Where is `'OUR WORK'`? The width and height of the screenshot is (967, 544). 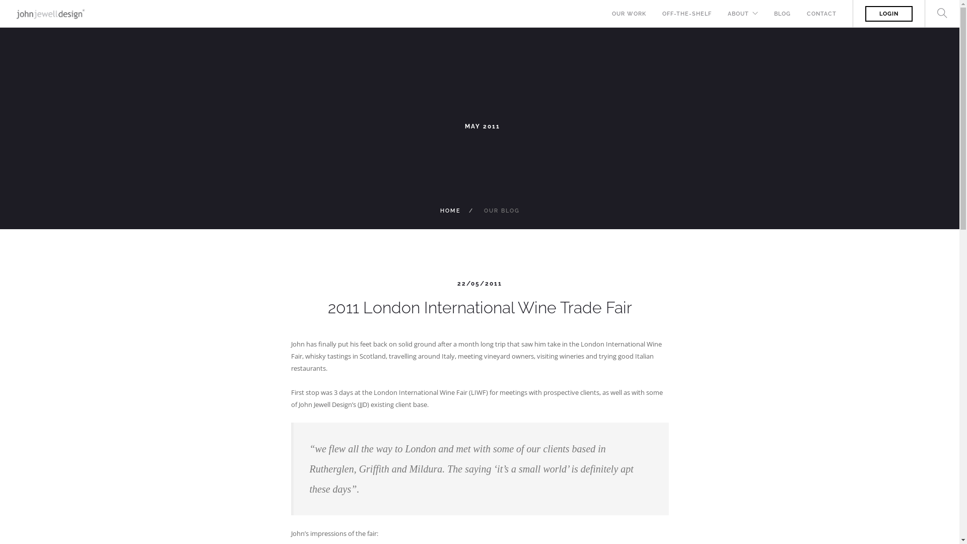
'OUR WORK' is located at coordinates (628, 14).